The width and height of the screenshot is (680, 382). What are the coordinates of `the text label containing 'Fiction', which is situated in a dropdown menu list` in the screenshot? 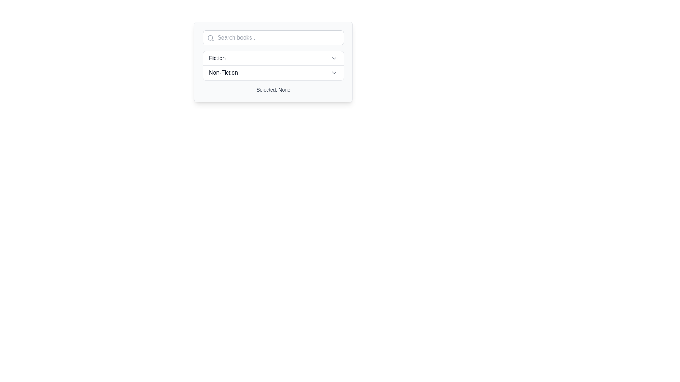 It's located at (217, 58).